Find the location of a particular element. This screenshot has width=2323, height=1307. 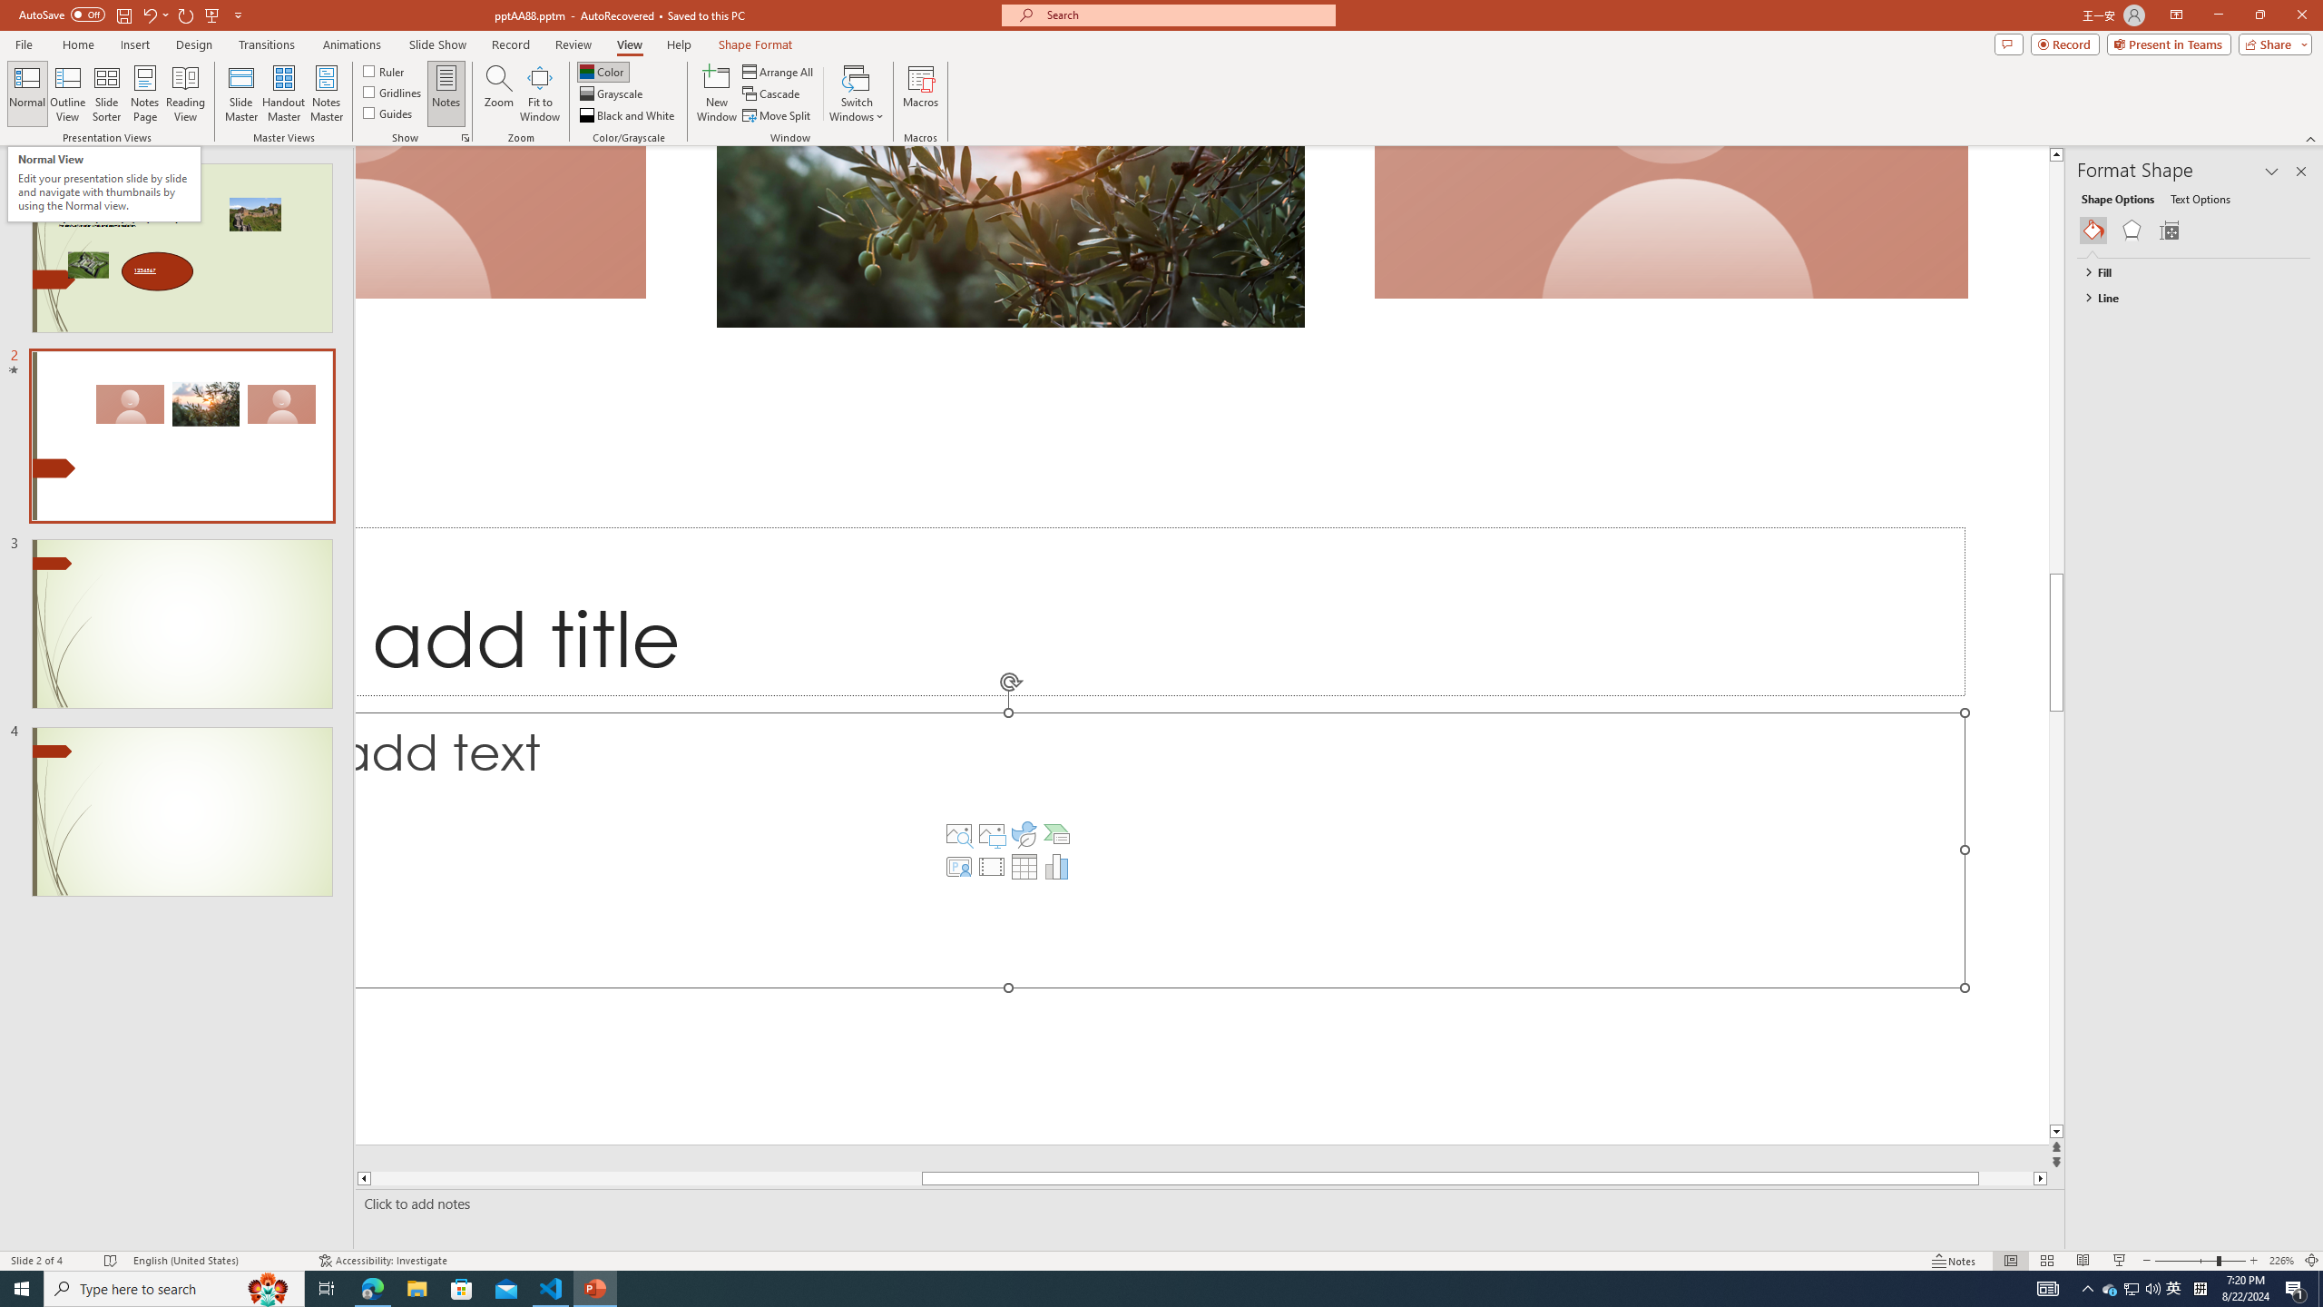

'Gridlines' is located at coordinates (392, 90).